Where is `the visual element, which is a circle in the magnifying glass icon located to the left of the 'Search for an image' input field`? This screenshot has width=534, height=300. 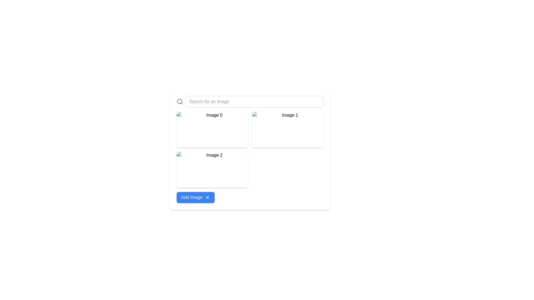
the visual element, which is a circle in the magnifying glass icon located to the left of the 'Search for an image' input field is located at coordinates (180, 101).